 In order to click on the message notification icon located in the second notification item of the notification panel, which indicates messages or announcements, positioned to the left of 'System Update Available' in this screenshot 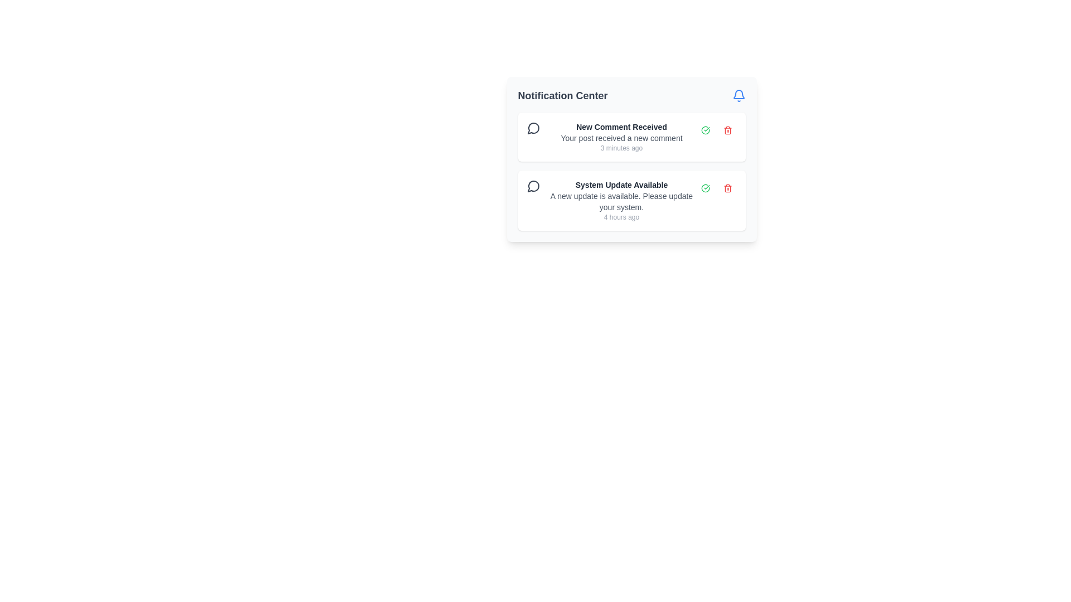, I will do `click(533, 186)`.